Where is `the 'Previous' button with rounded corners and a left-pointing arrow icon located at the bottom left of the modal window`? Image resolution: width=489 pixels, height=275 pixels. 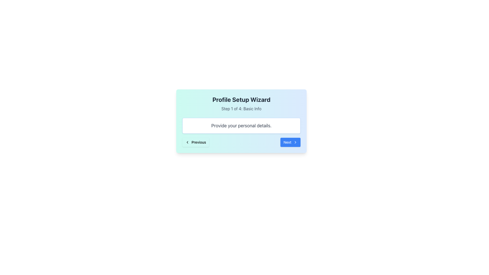 the 'Previous' button with rounded corners and a left-pointing arrow icon located at the bottom left of the modal window is located at coordinates (195, 142).